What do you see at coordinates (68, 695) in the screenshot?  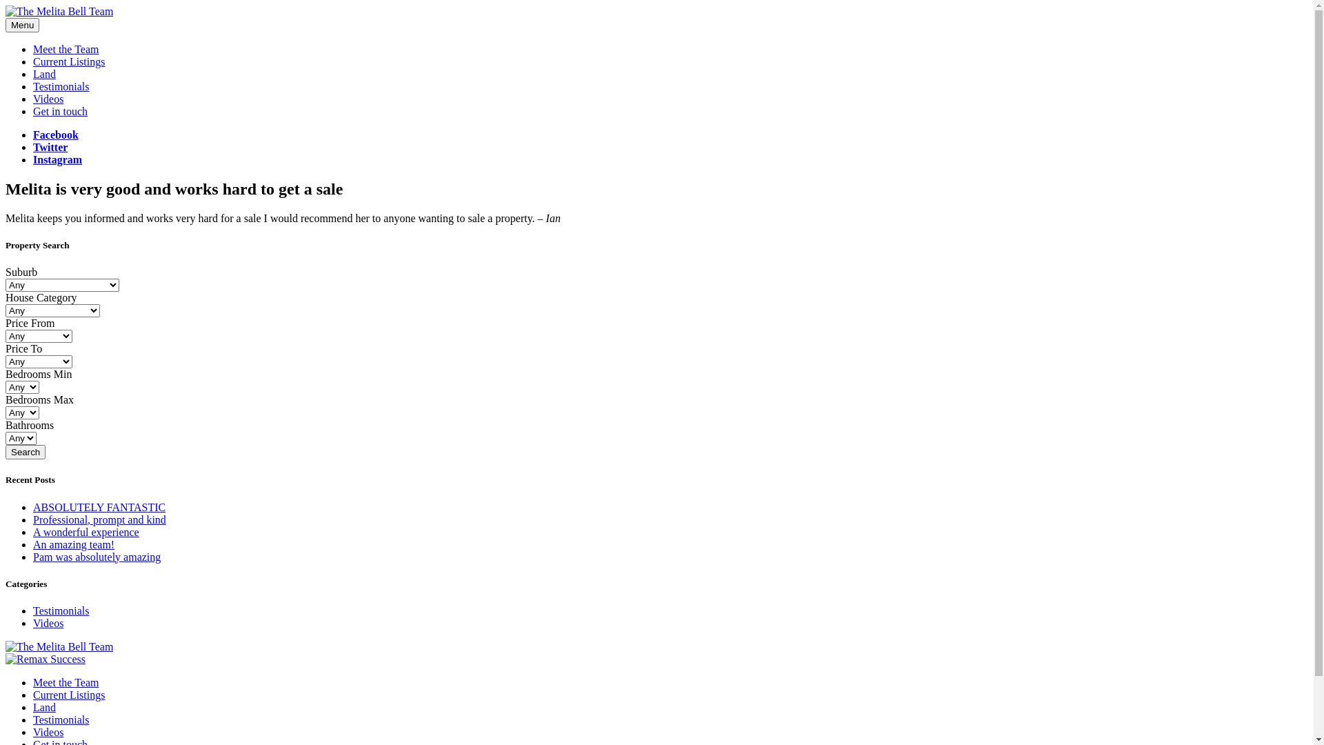 I see `'Current Listings'` at bounding box center [68, 695].